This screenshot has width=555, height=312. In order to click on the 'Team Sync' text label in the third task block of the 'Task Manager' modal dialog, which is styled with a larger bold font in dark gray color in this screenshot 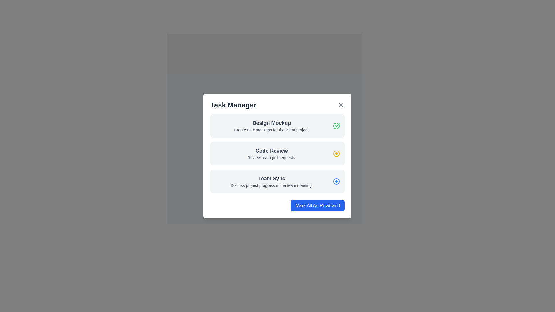, I will do `click(271, 178)`.